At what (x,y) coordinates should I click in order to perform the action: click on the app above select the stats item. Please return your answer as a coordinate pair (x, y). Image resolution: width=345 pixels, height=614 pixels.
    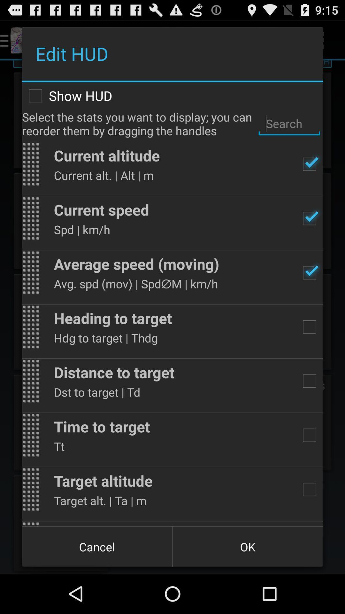
    Looking at the image, I should click on (172, 95).